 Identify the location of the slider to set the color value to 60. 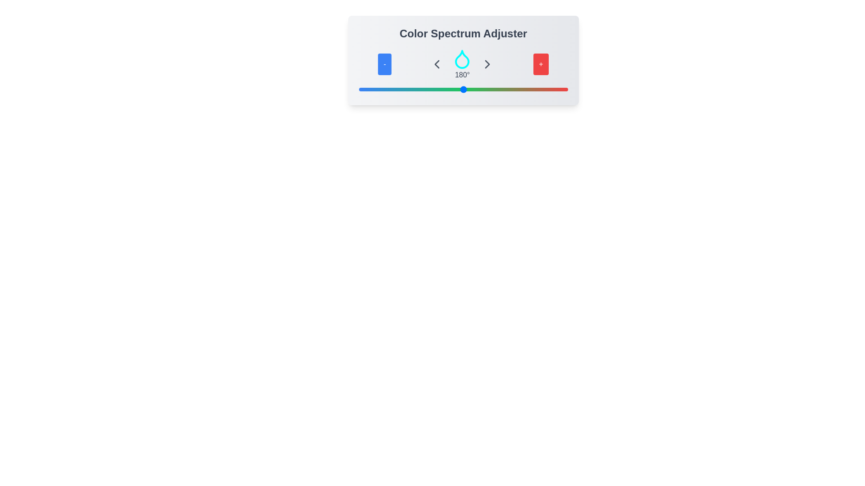
(393, 90).